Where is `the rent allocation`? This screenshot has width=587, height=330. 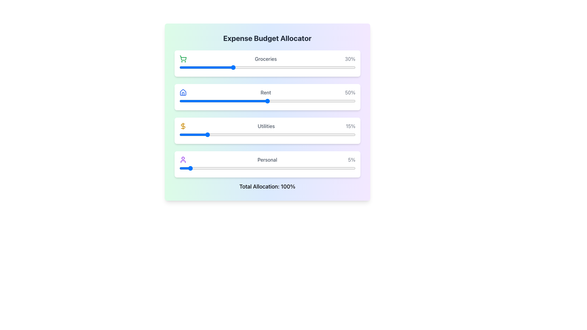 the rent allocation is located at coordinates (308, 101).